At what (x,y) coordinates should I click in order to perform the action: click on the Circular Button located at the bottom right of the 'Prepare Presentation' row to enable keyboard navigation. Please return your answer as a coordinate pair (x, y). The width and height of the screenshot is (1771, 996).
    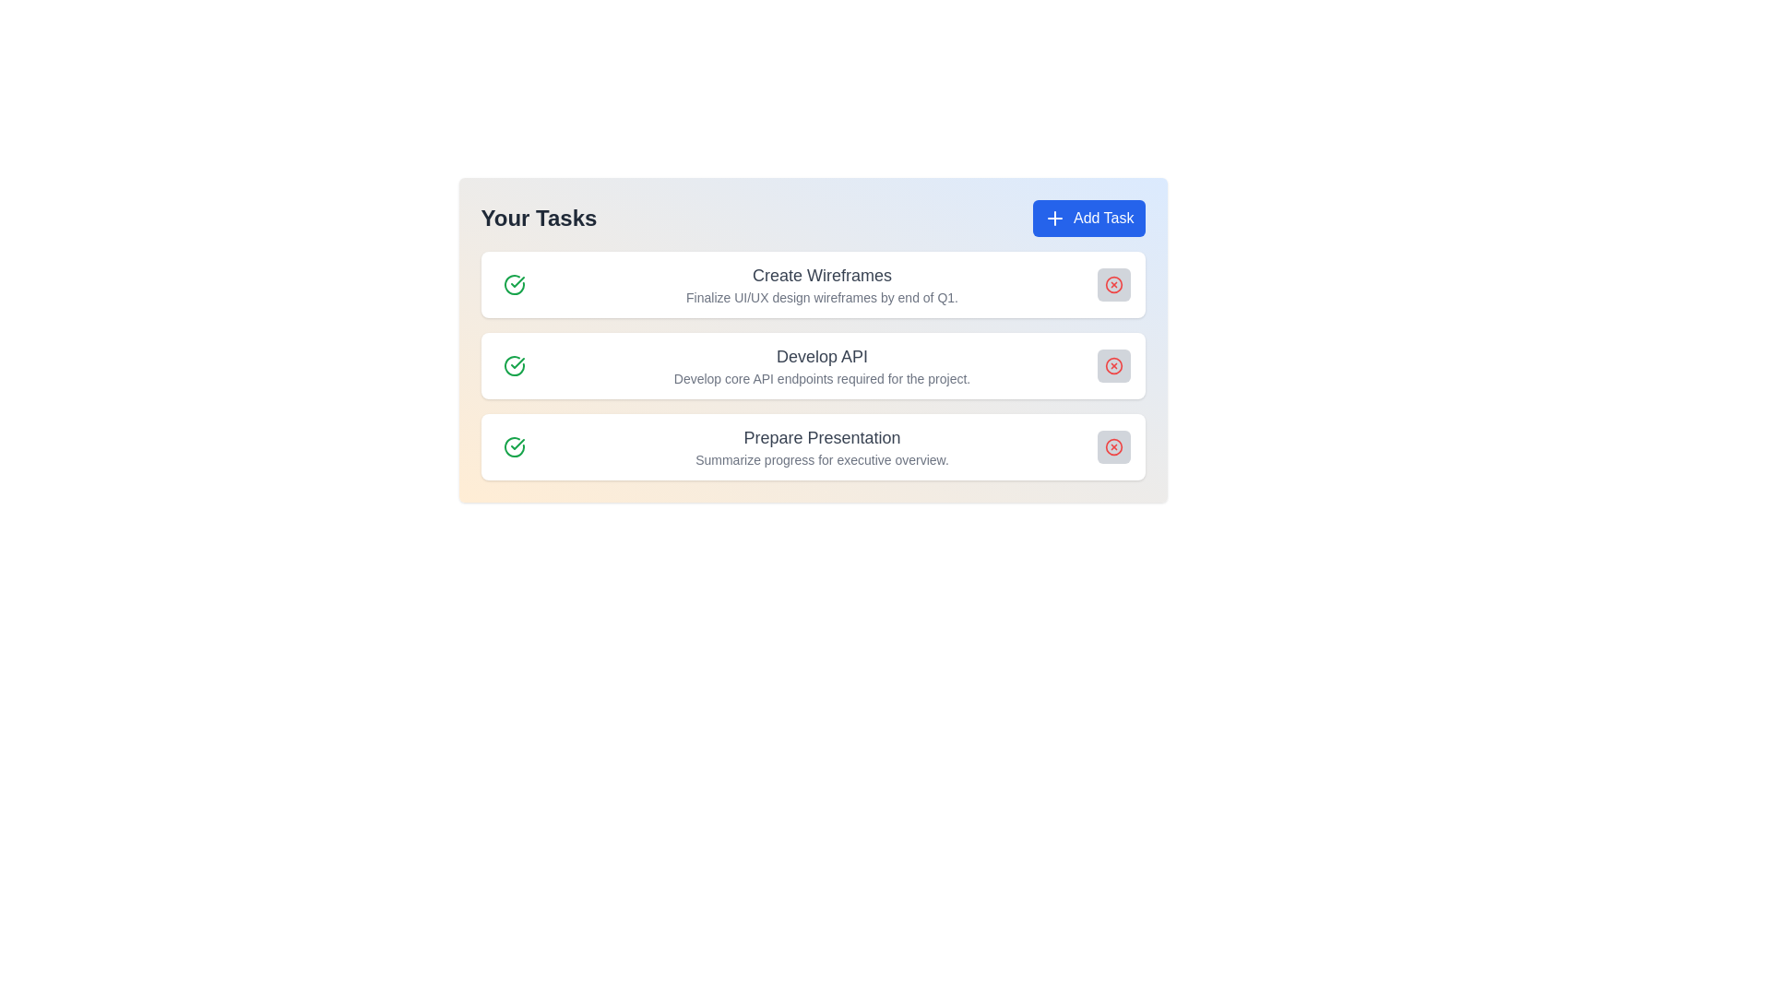
    Looking at the image, I should click on (1112, 447).